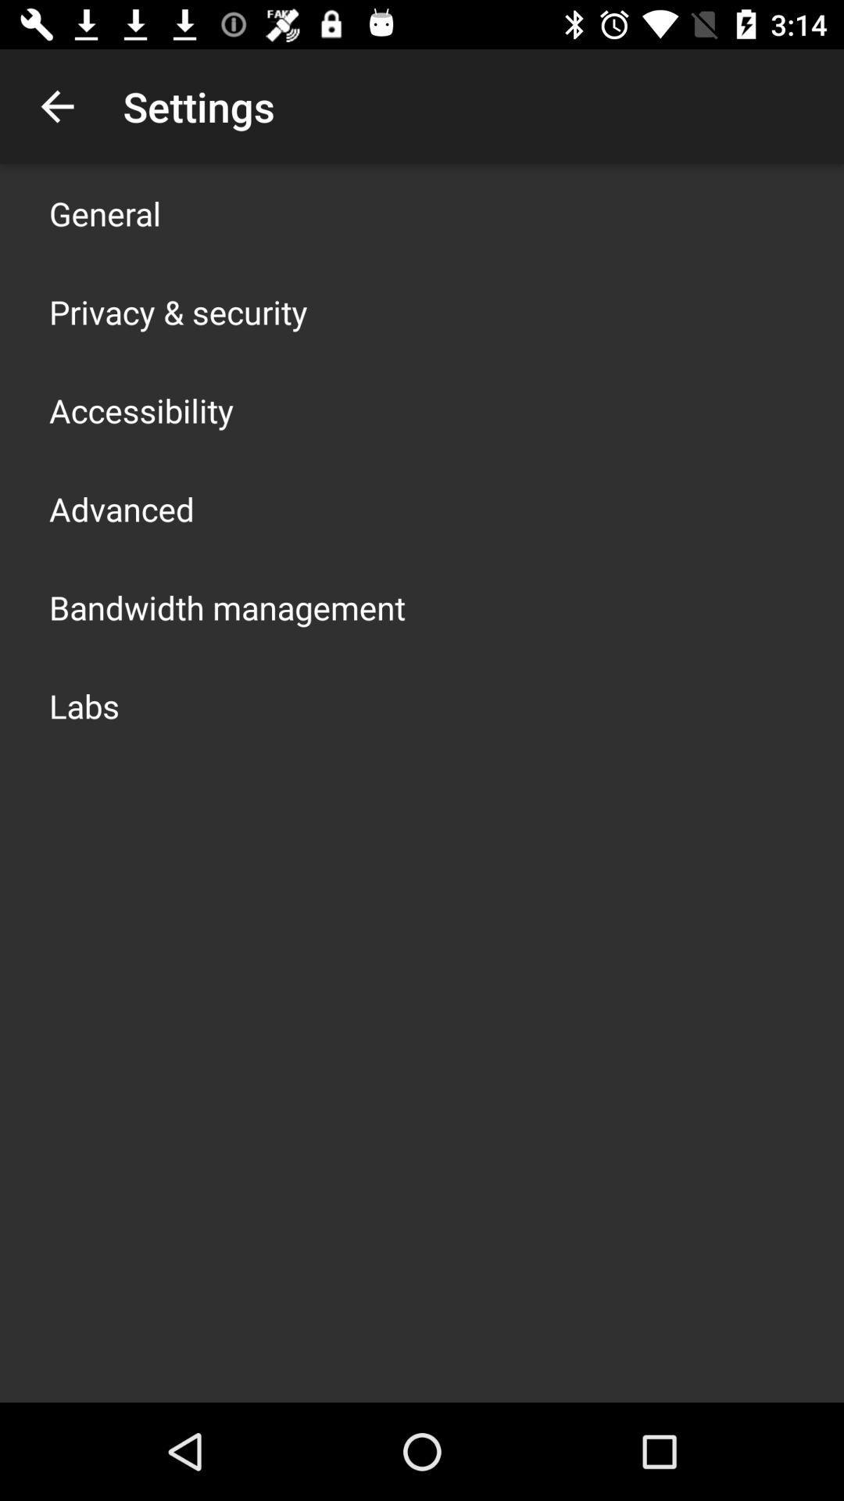  What do you see at coordinates (56, 106) in the screenshot?
I see `item above general` at bounding box center [56, 106].